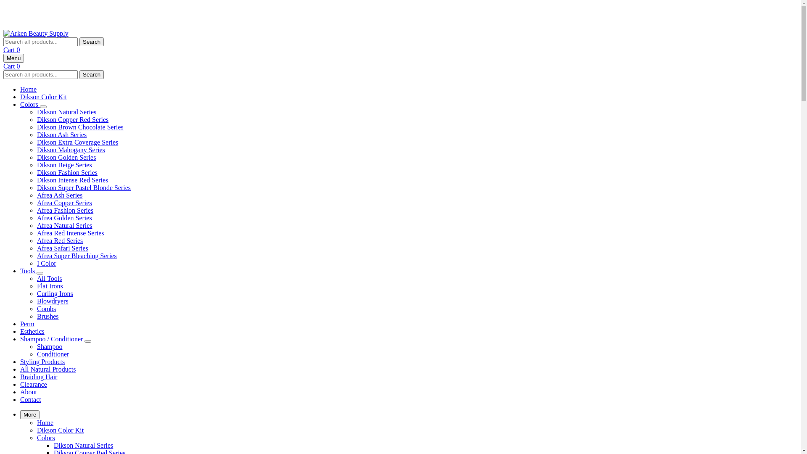  Describe the element at coordinates (46, 309) in the screenshot. I see `'Combs'` at that location.